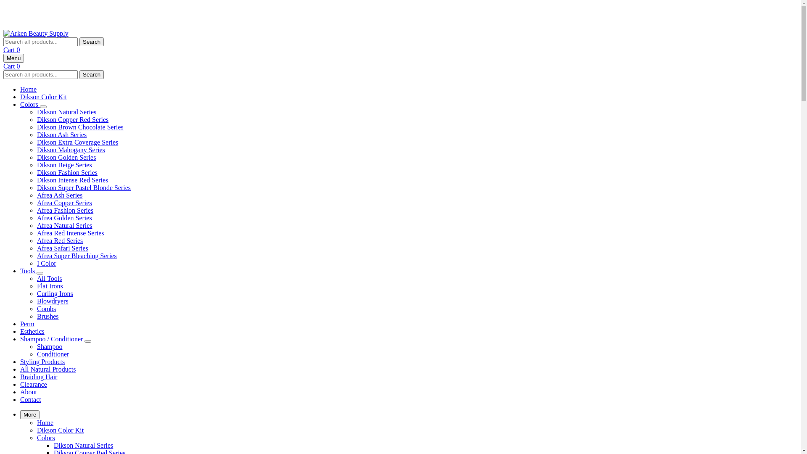  Describe the element at coordinates (46, 309) in the screenshot. I see `'Combs'` at that location.